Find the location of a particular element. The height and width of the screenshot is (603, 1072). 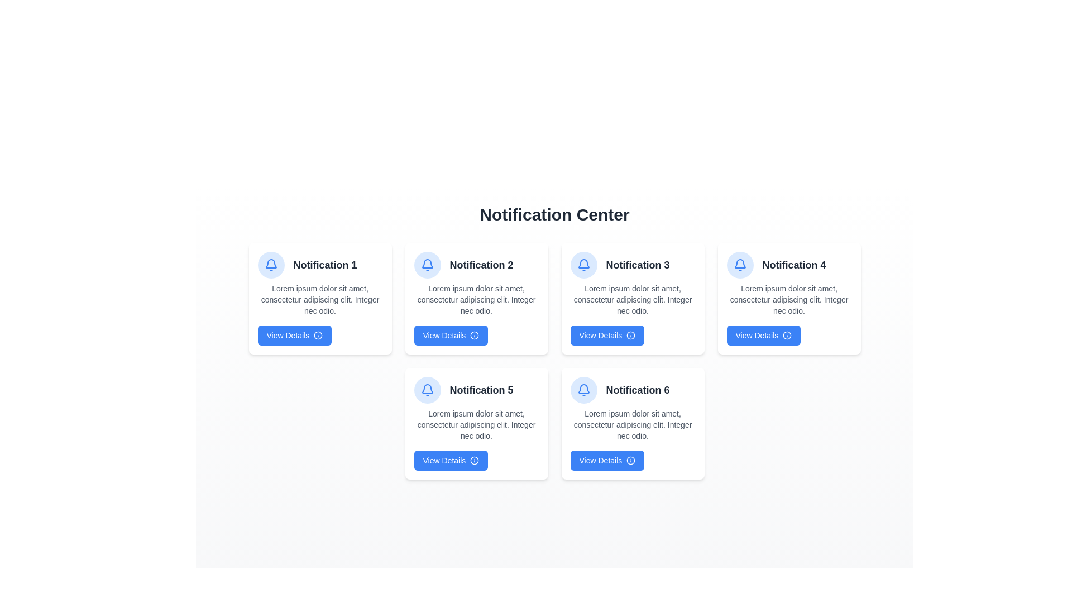

the bell icon located at the top of the 'Notification 1' card, which visually represents notifications or alerts is located at coordinates (740, 264).